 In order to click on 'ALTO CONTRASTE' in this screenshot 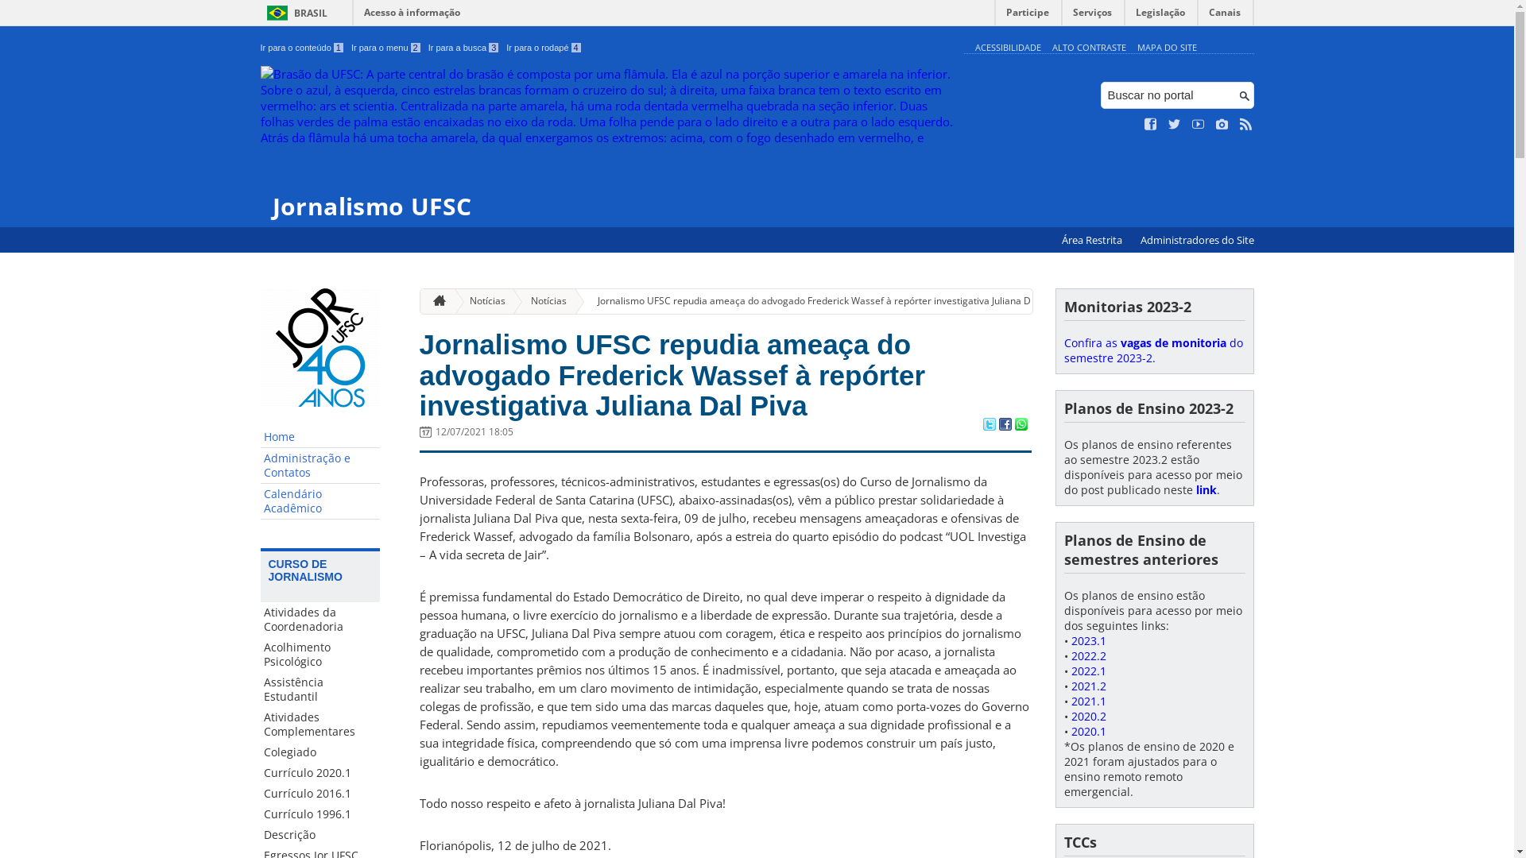, I will do `click(1088, 46)`.